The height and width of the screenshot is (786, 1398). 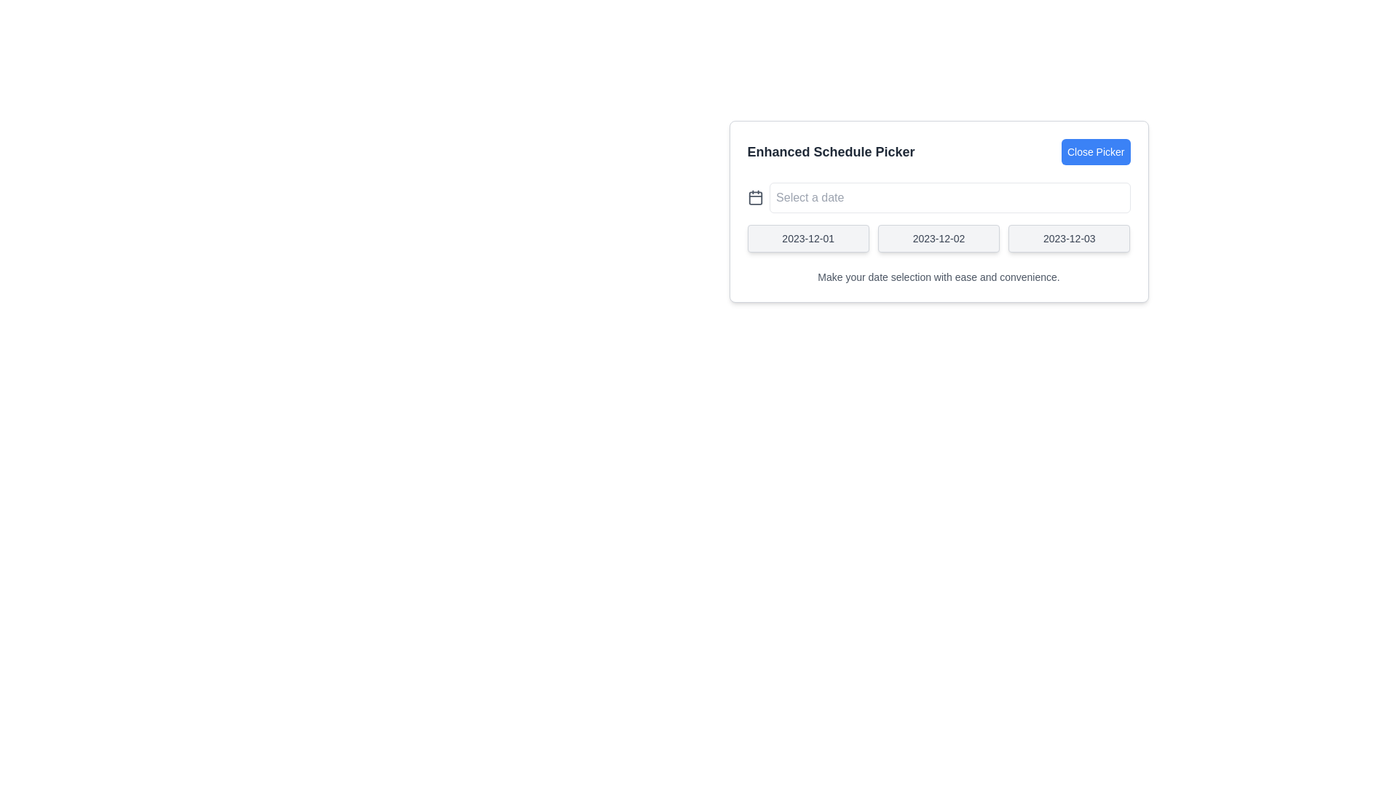 What do you see at coordinates (939, 237) in the screenshot?
I see `the button labeled '2023-12-02', which is the second button from the left in a row of three buttons within the date selector component` at bounding box center [939, 237].